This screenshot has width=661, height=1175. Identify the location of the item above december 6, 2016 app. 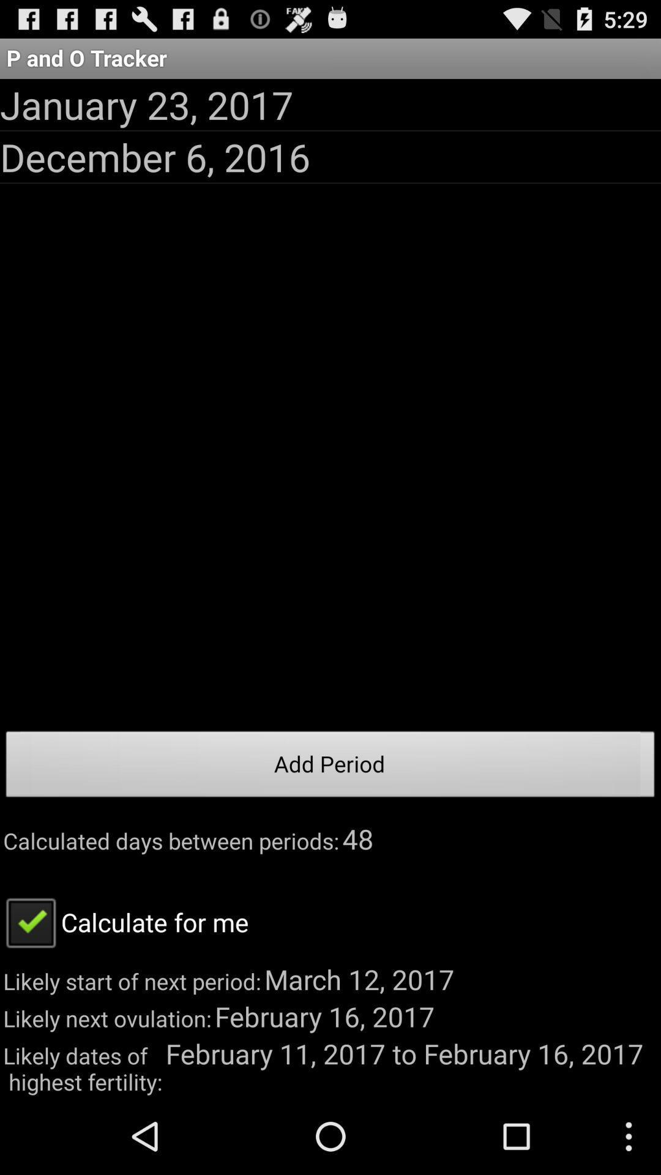
(146, 105).